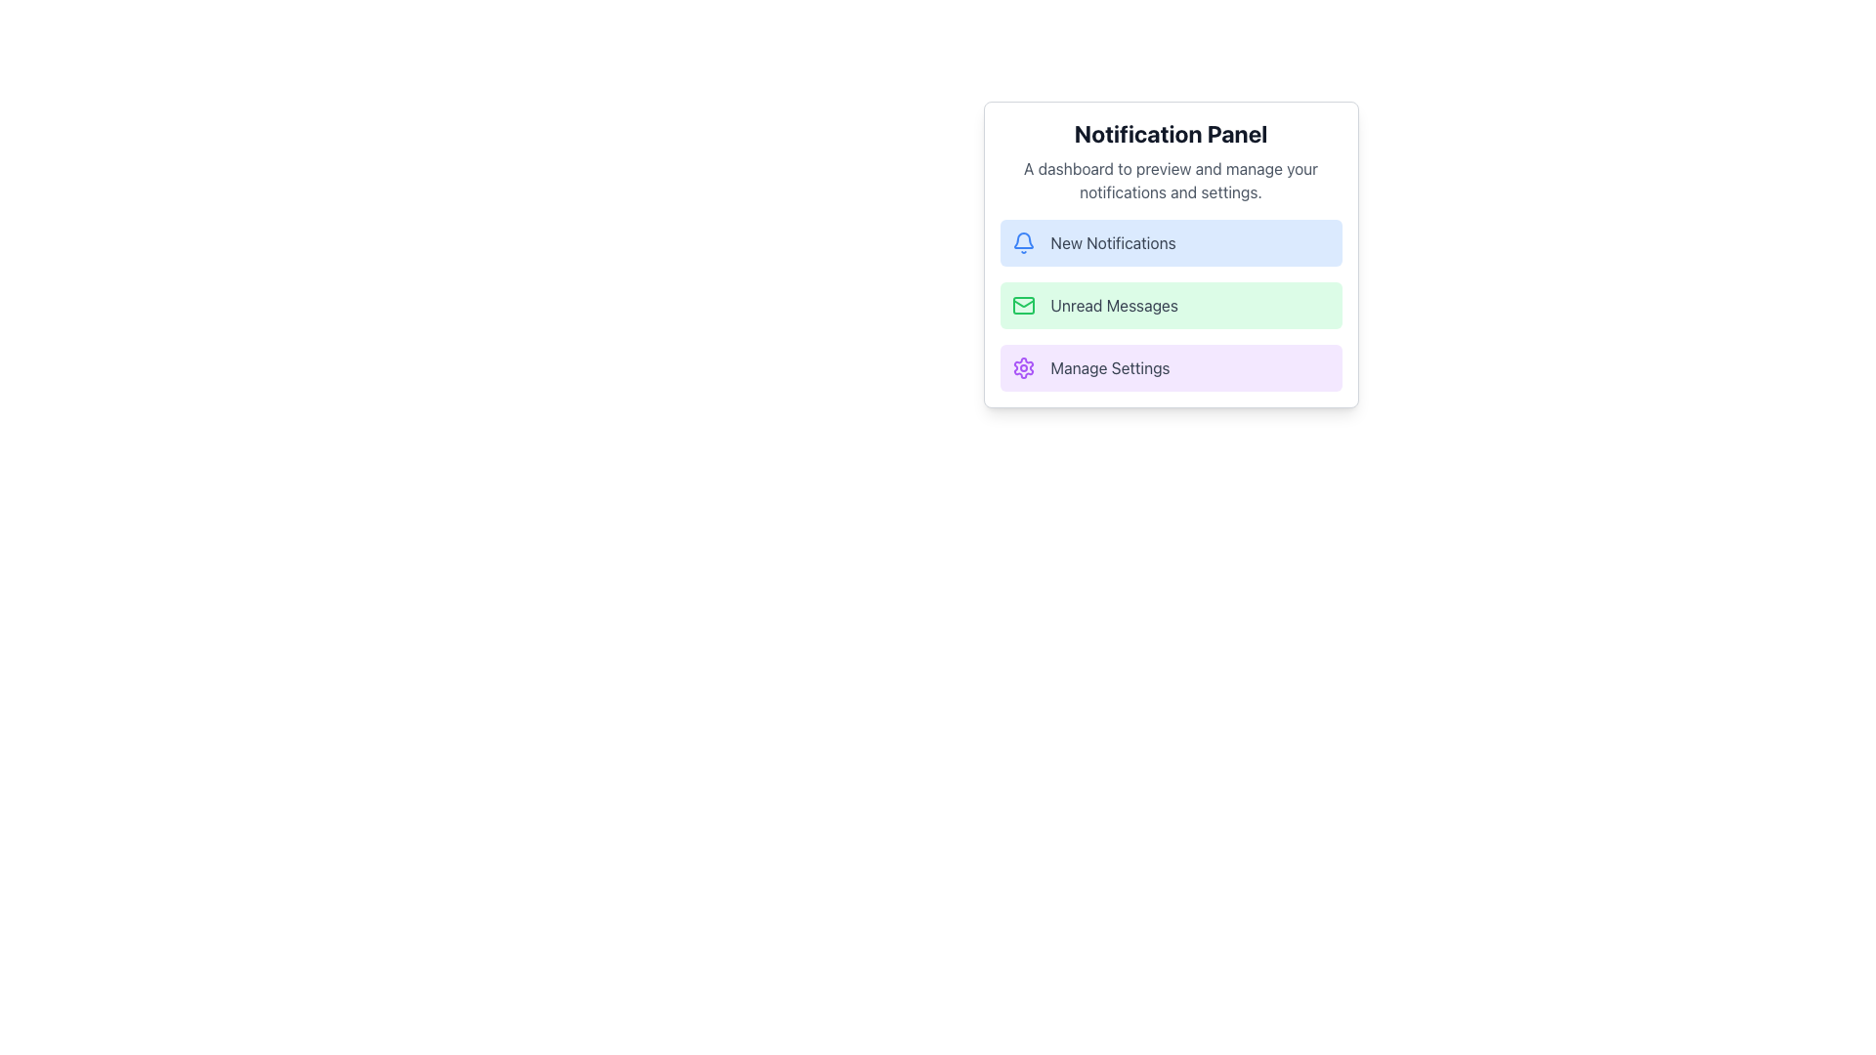 The height and width of the screenshot is (1055, 1876). I want to click on the notification button at the top of the notification panel, so click(1171, 242).